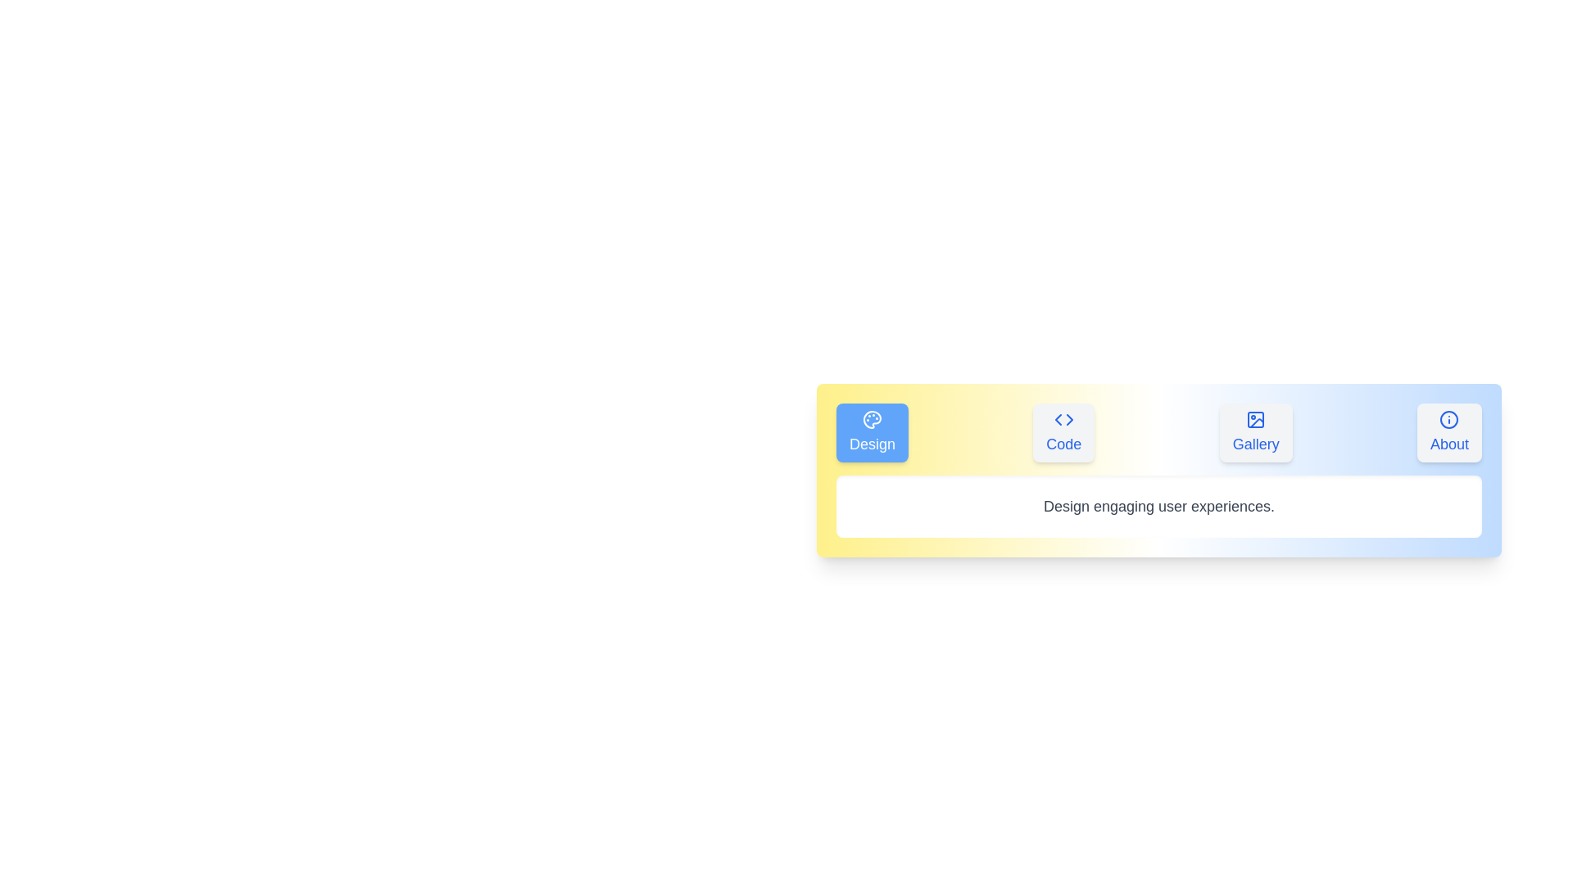  I want to click on the tab labeled Gallery to switch to its content, so click(1254, 431).